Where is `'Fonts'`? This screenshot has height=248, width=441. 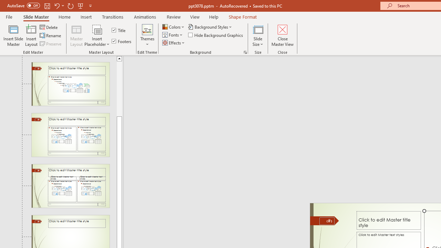 'Fonts' is located at coordinates (173, 35).